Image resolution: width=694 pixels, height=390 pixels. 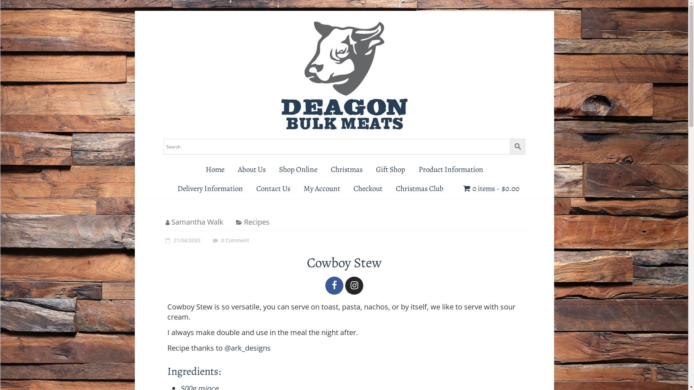 What do you see at coordinates (491, 188) in the screenshot?
I see `'0 items$0.00'` at bounding box center [491, 188].